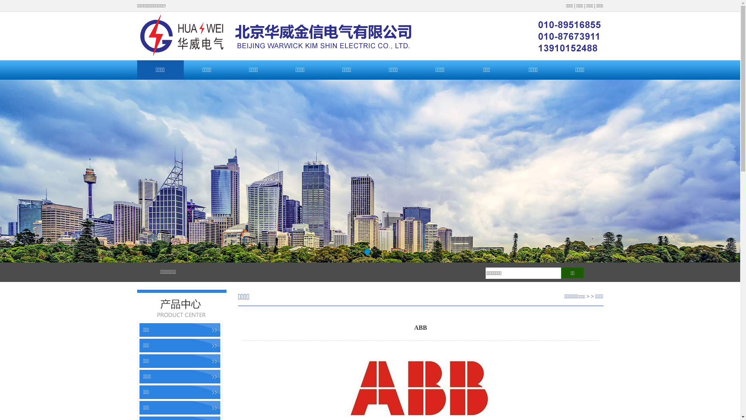 This screenshot has height=420, width=746. I want to click on '1', so click(364, 252).